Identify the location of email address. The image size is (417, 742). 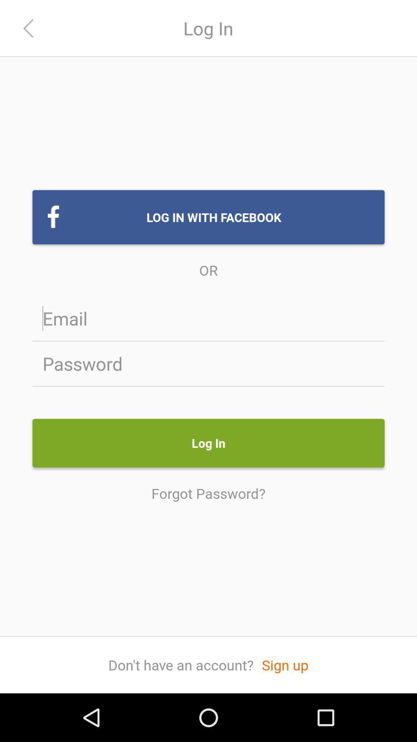
(208, 318).